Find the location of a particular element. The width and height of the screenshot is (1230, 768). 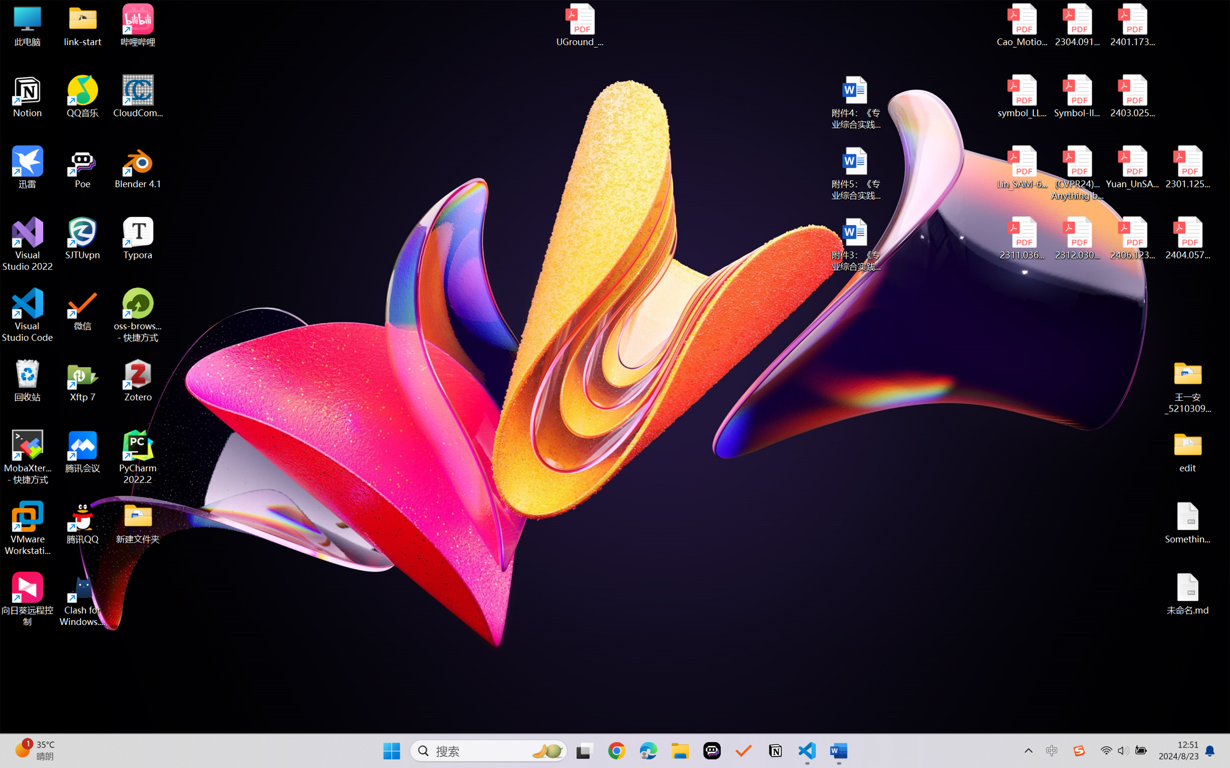

'Typora' is located at coordinates (138, 238).